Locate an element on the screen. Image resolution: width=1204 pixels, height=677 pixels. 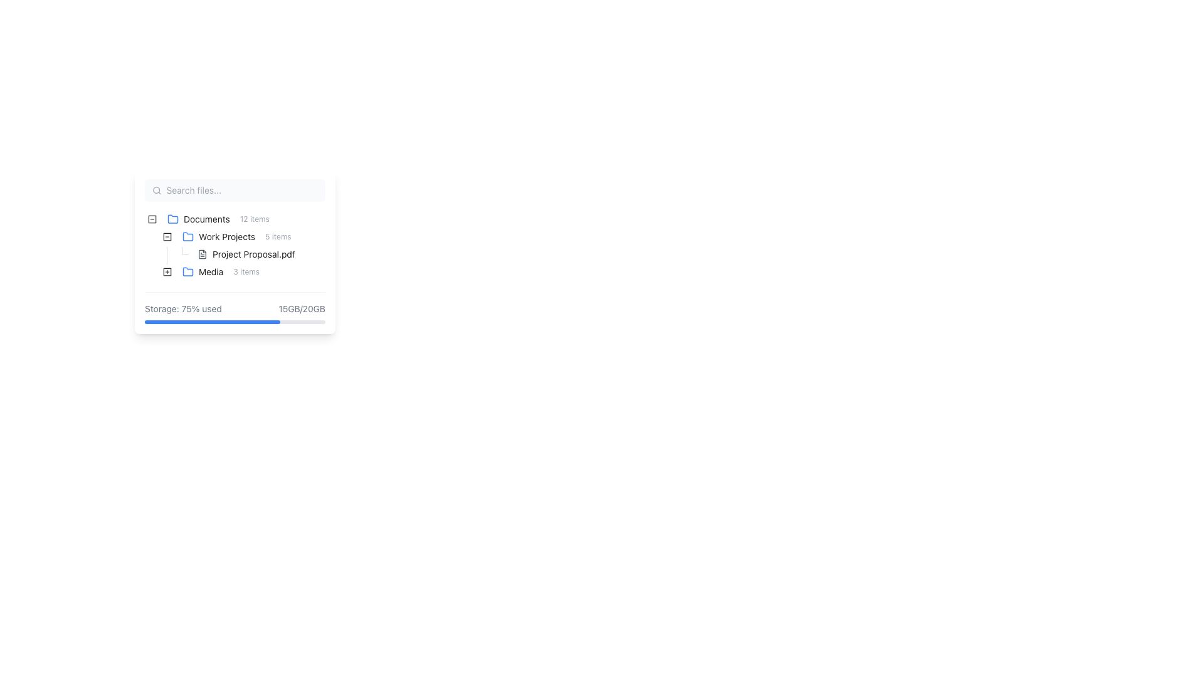
the small, square-shaped indent marker next to the 'Work Projects' entry in the hierarchical file navigation interface is located at coordinates (152, 254).